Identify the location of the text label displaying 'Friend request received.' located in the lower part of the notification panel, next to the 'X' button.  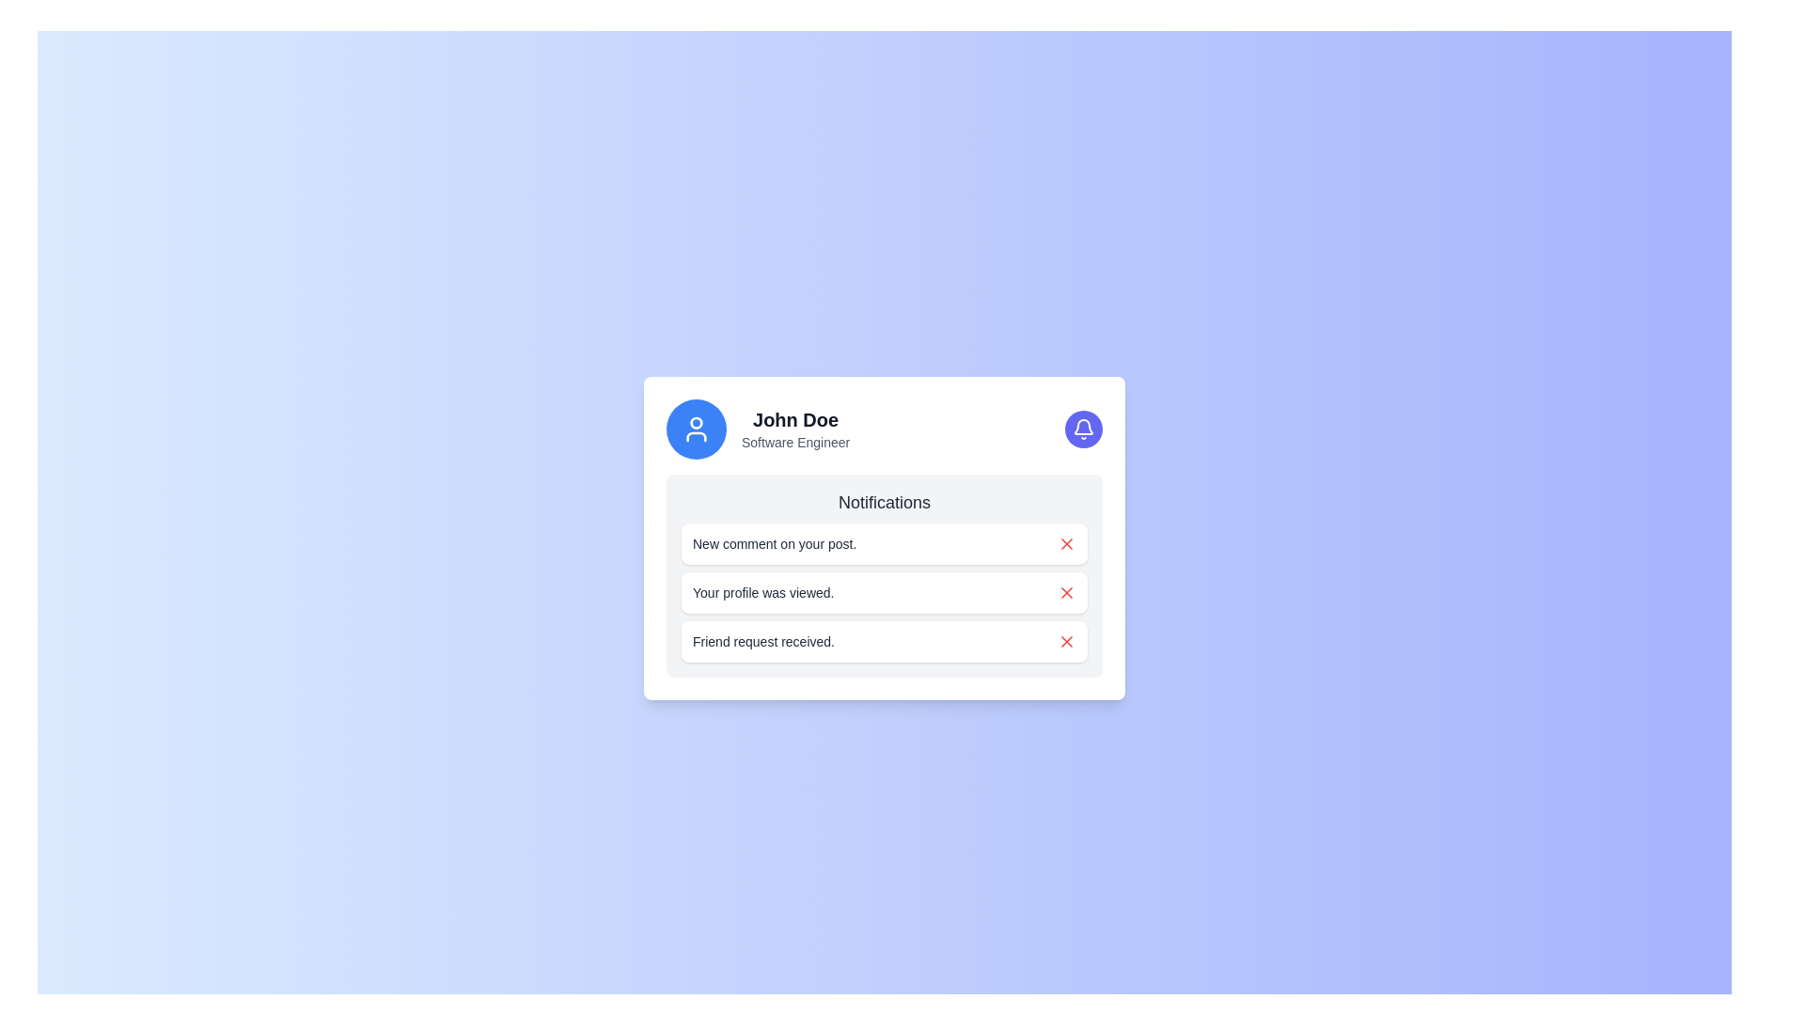
(763, 640).